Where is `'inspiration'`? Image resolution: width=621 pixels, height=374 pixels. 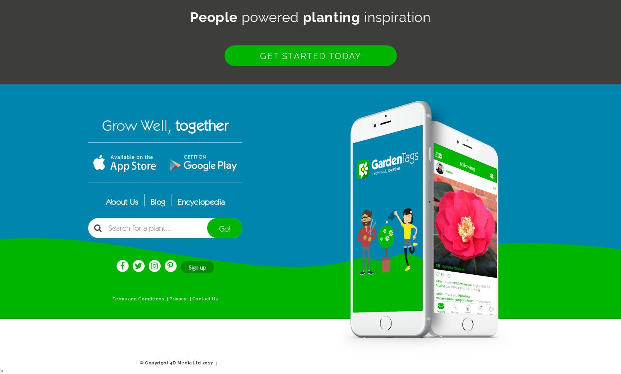
'inspiration' is located at coordinates (395, 17).